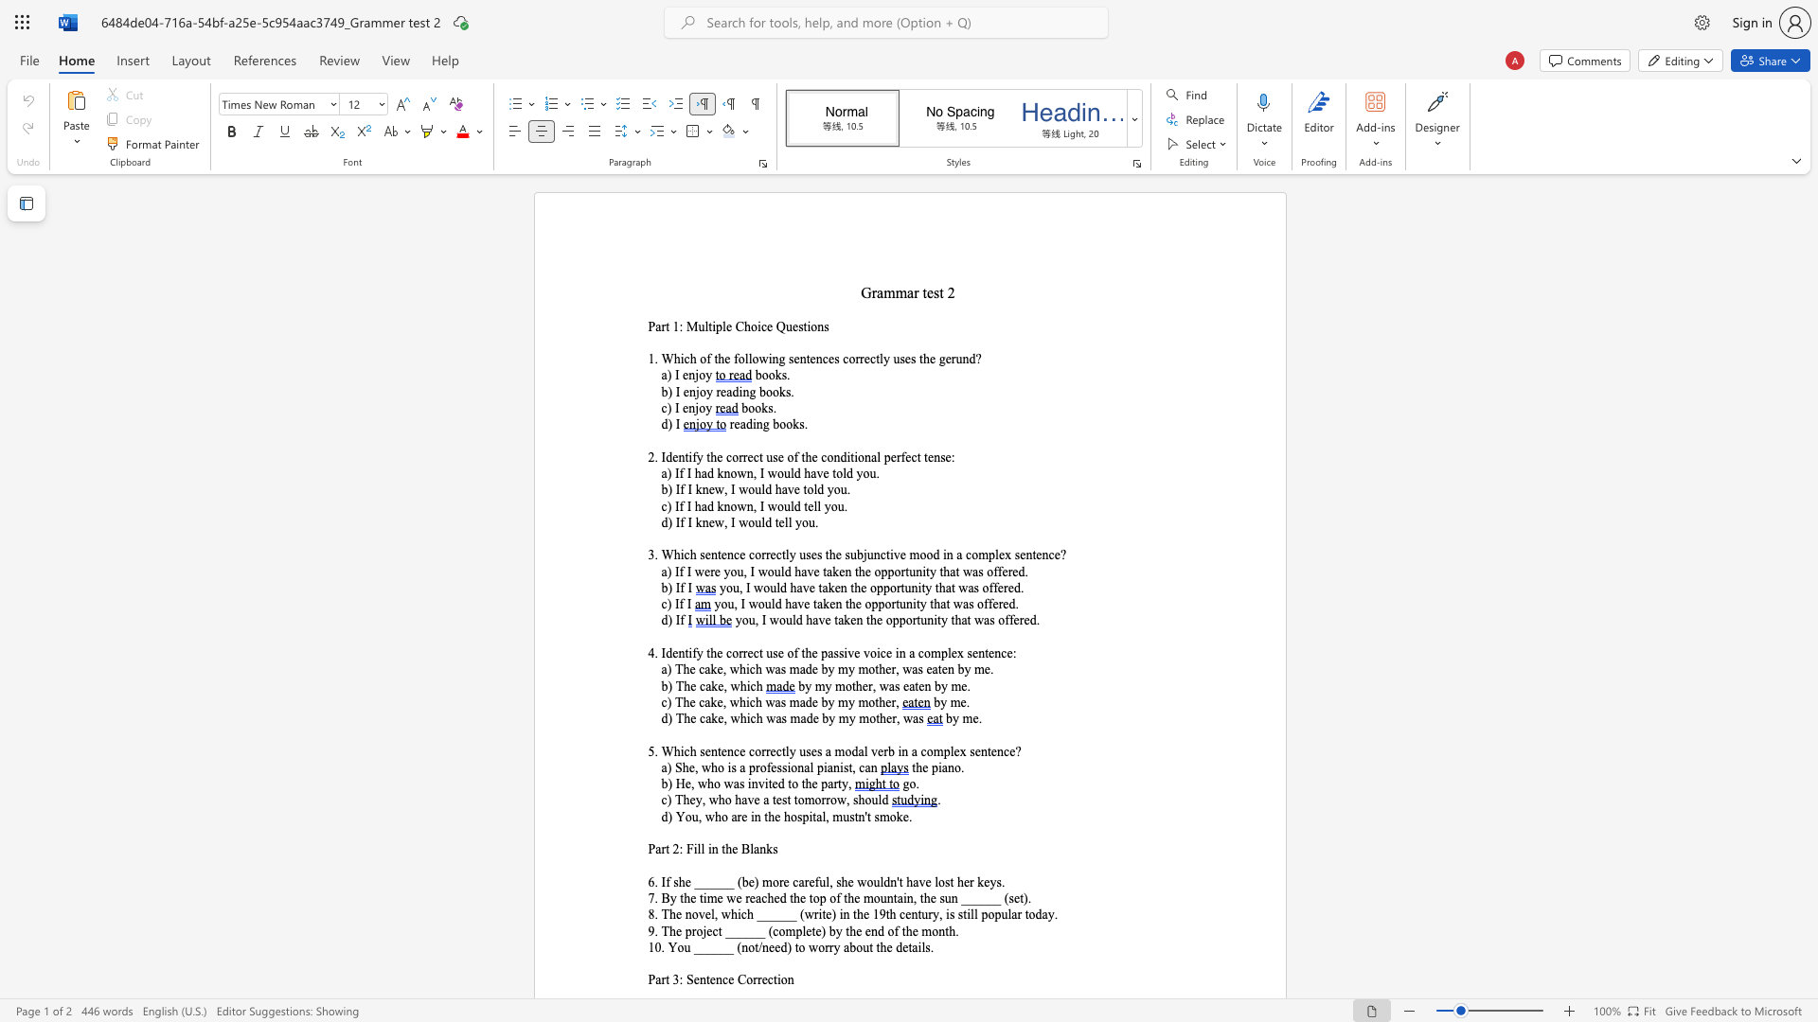  What do you see at coordinates (857, 800) in the screenshot?
I see `the subset text "hou" within the text "c) They, who have a test tomorrow, should"` at bounding box center [857, 800].